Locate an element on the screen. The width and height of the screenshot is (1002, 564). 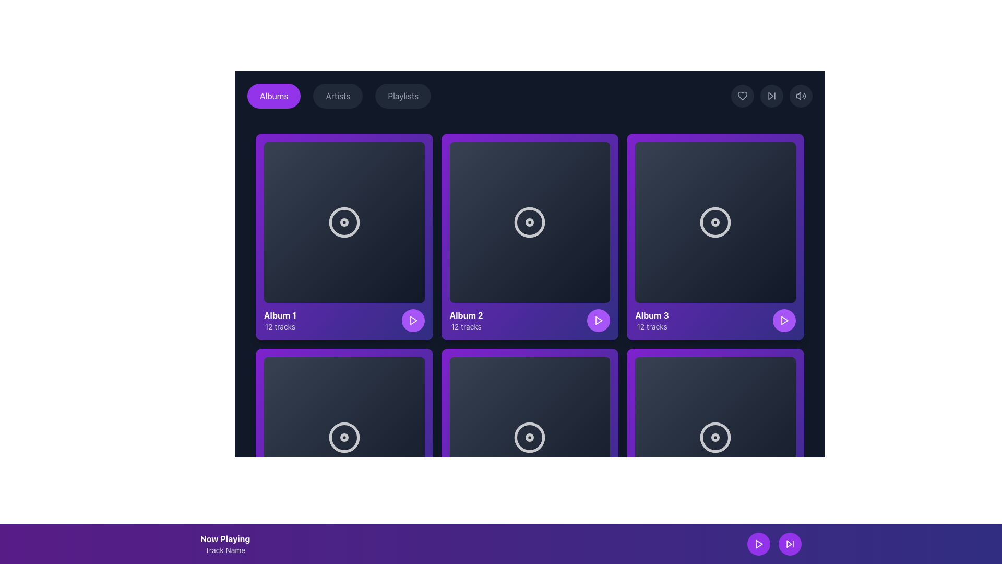
the center icon within the circular graphic located in the sixth card of the grid layout, specifically positioned in the second row and third column is located at coordinates (530, 437).